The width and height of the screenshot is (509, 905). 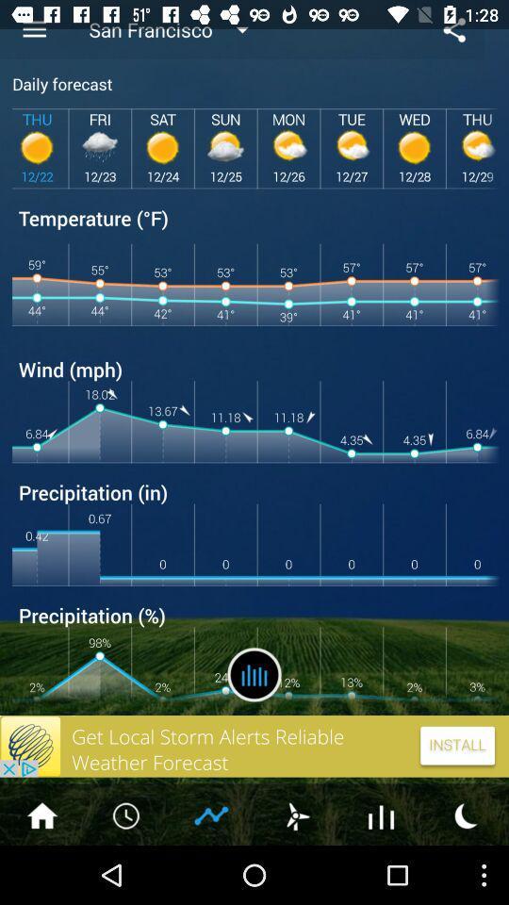 What do you see at coordinates (254, 721) in the screenshot?
I see `the pause icon` at bounding box center [254, 721].